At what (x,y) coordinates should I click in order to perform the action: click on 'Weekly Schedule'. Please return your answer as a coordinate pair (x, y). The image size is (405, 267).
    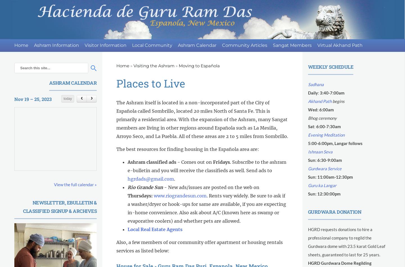
    Looking at the image, I should click on (331, 67).